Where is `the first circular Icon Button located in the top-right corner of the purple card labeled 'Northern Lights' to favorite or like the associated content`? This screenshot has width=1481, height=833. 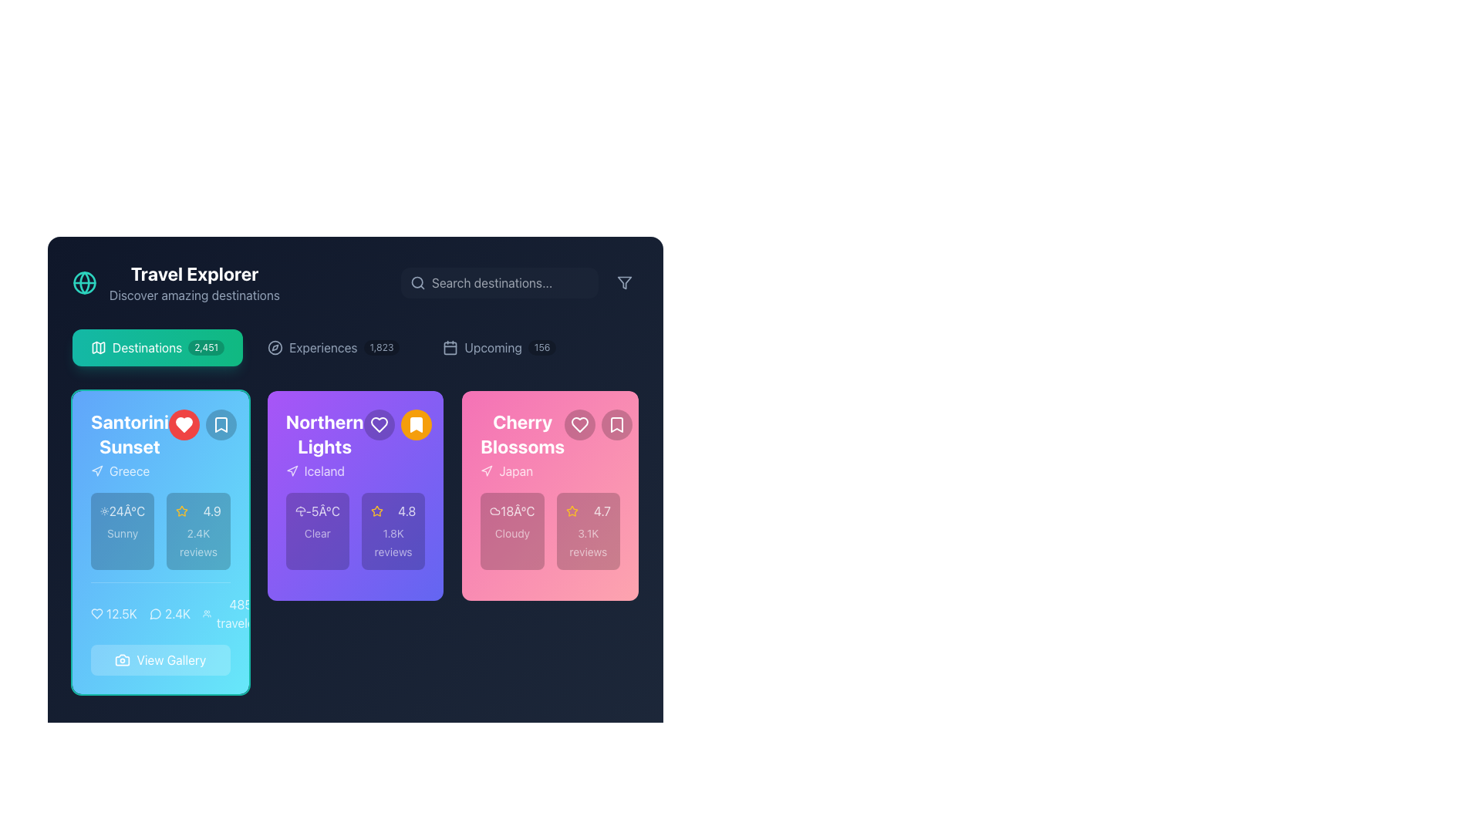 the first circular Icon Button located in the top-right corner of the purple card labeled 'Northern Lights' to favorite or like the associated content is located at coordinates (379, 425).